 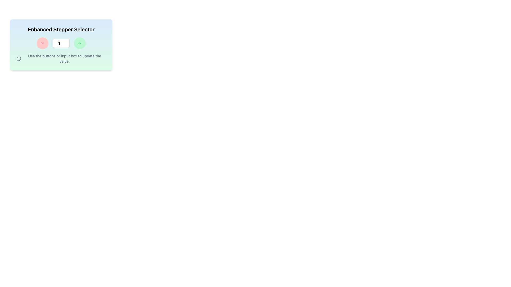 I want to click on the red circular button with a downward chevron, so click(x=42, y=43).